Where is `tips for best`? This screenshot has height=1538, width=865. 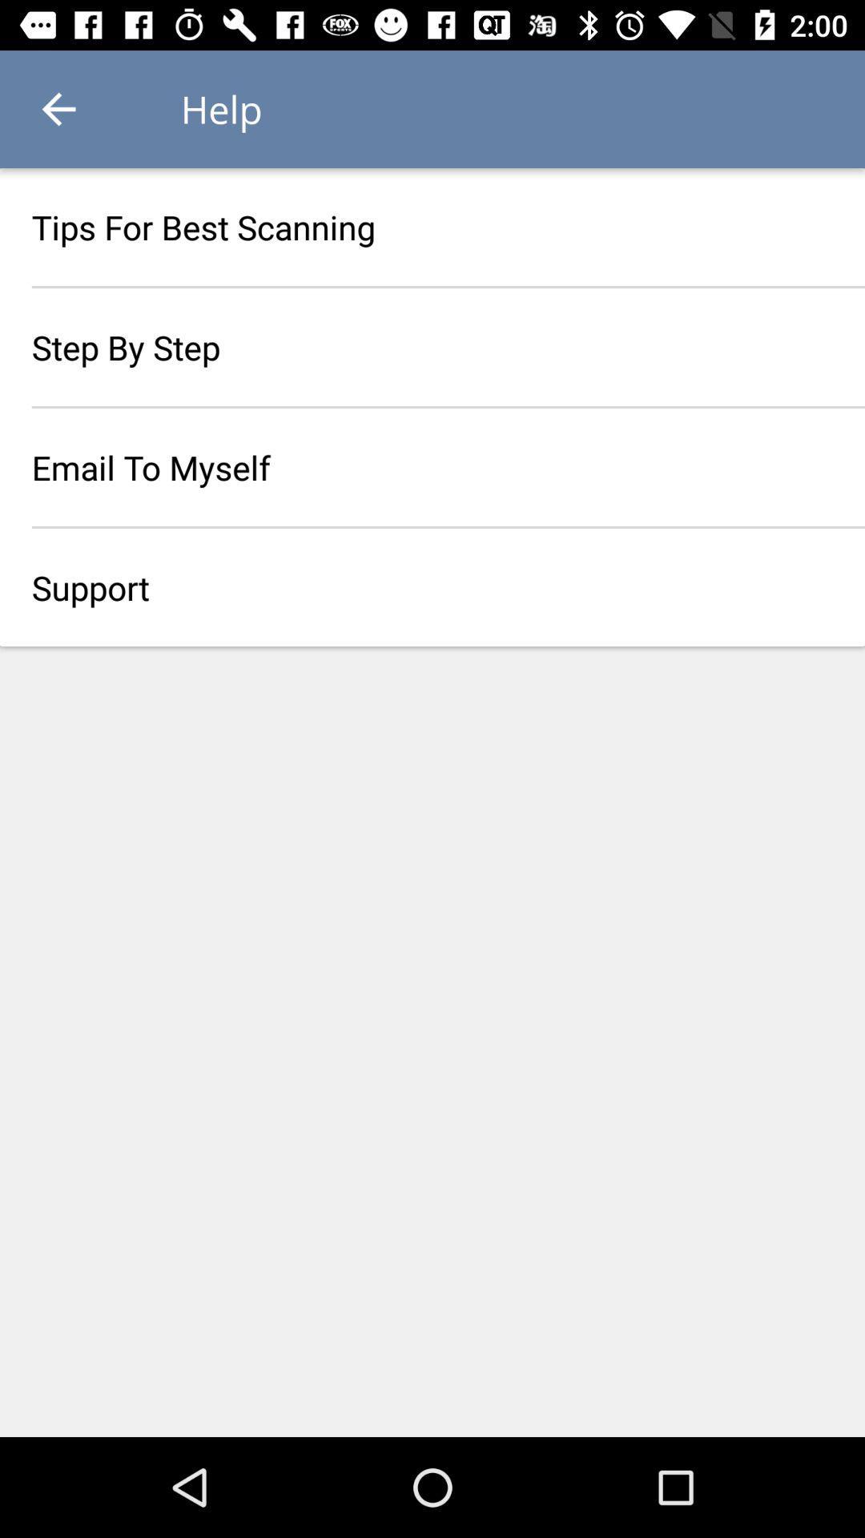
tips for best is located at coordinates (432, 226).